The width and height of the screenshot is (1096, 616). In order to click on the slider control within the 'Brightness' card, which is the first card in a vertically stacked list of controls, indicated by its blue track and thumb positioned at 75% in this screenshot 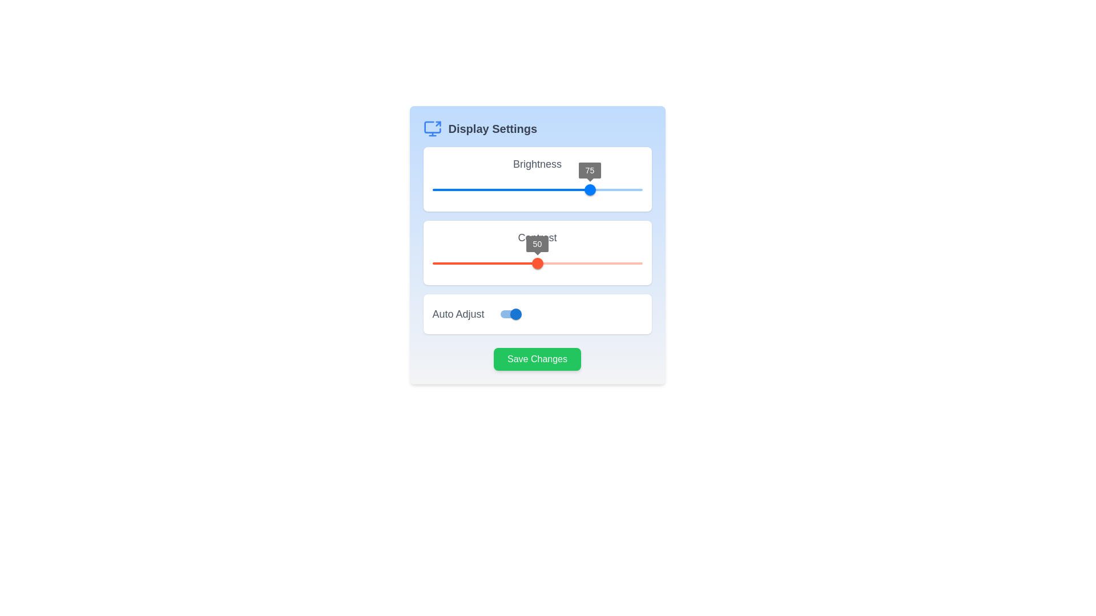, I will do `click(537, 179)`.